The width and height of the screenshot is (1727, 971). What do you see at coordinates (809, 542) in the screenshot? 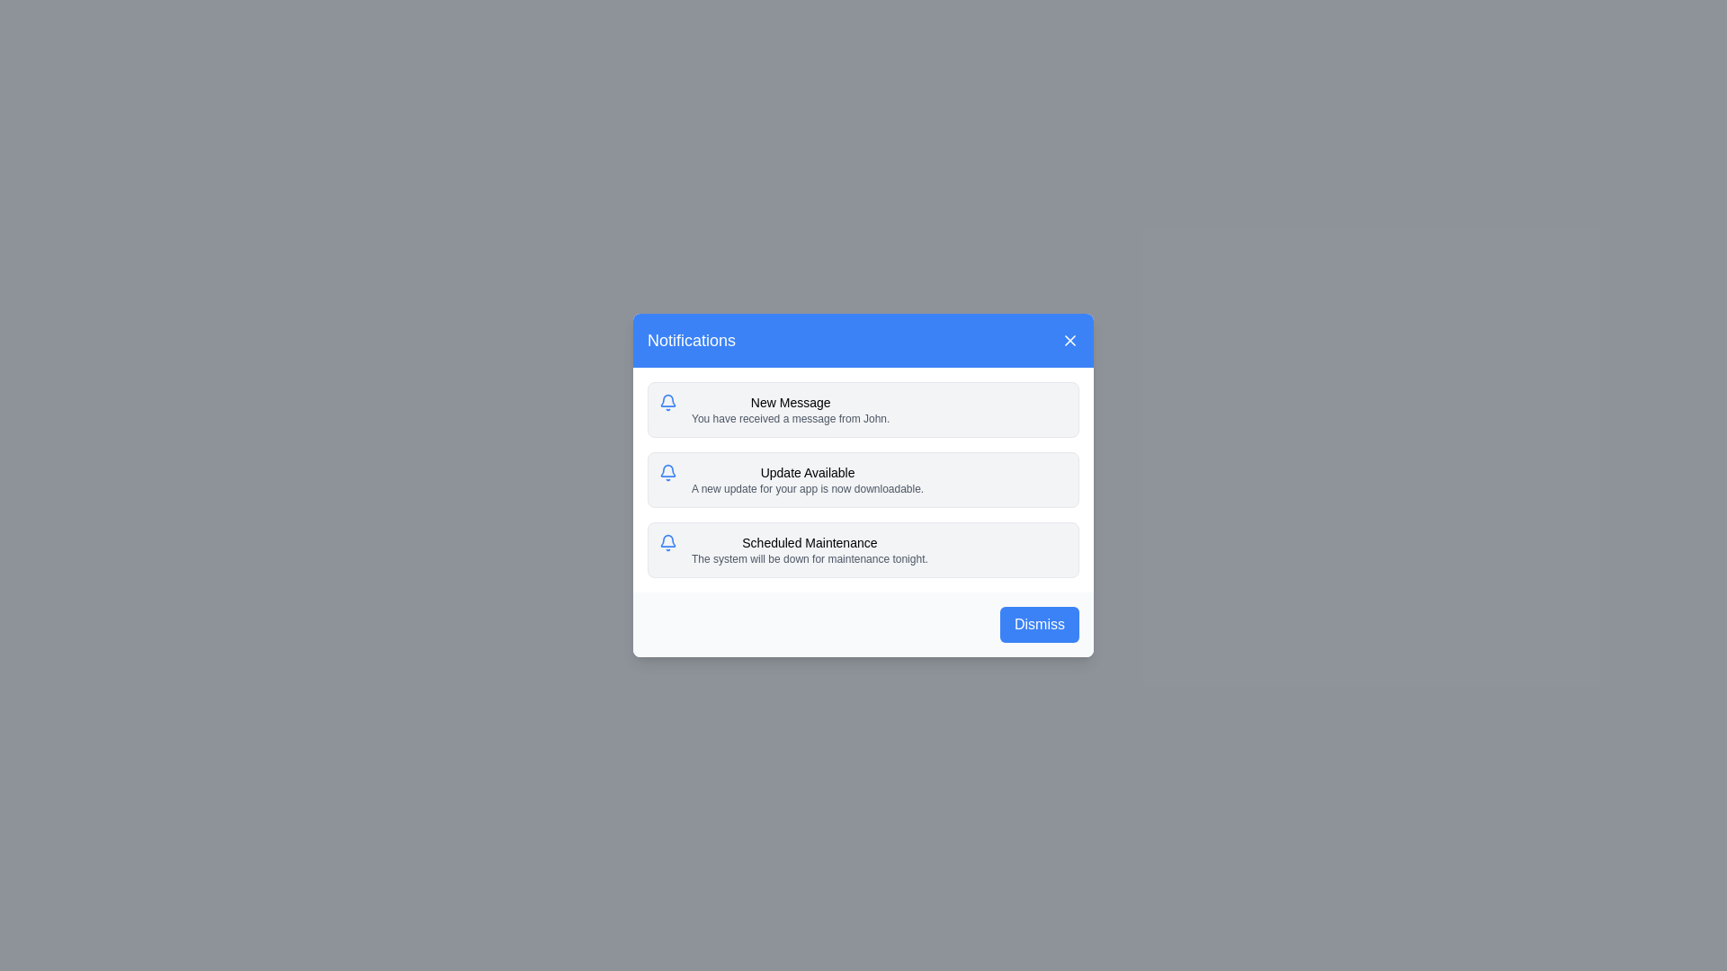
I see `the Text Label that serves as the headline for the notification message, positioned at the top of the third notification block in the dialog box` at bounding box center [809, 542].